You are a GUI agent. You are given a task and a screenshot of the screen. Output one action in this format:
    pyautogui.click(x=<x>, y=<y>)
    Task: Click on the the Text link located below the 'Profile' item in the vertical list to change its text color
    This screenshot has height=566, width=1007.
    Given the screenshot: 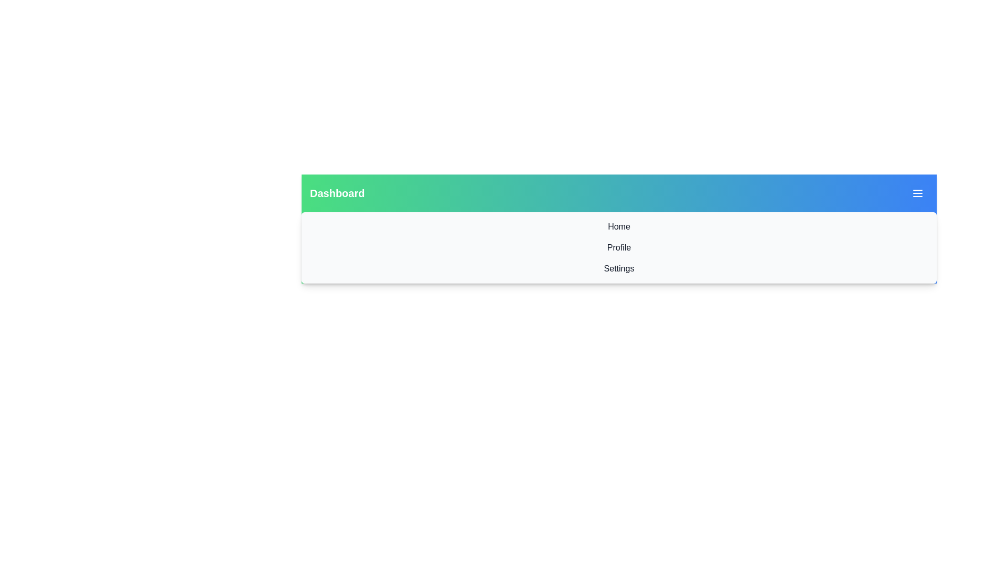 What is the action you would take?
    pyautogui.click(x=619, y=268)
    